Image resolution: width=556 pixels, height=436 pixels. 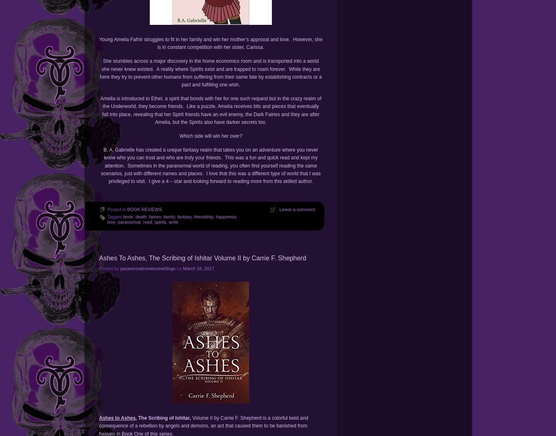 I want to click on 'book', so click(x=128, y=217).